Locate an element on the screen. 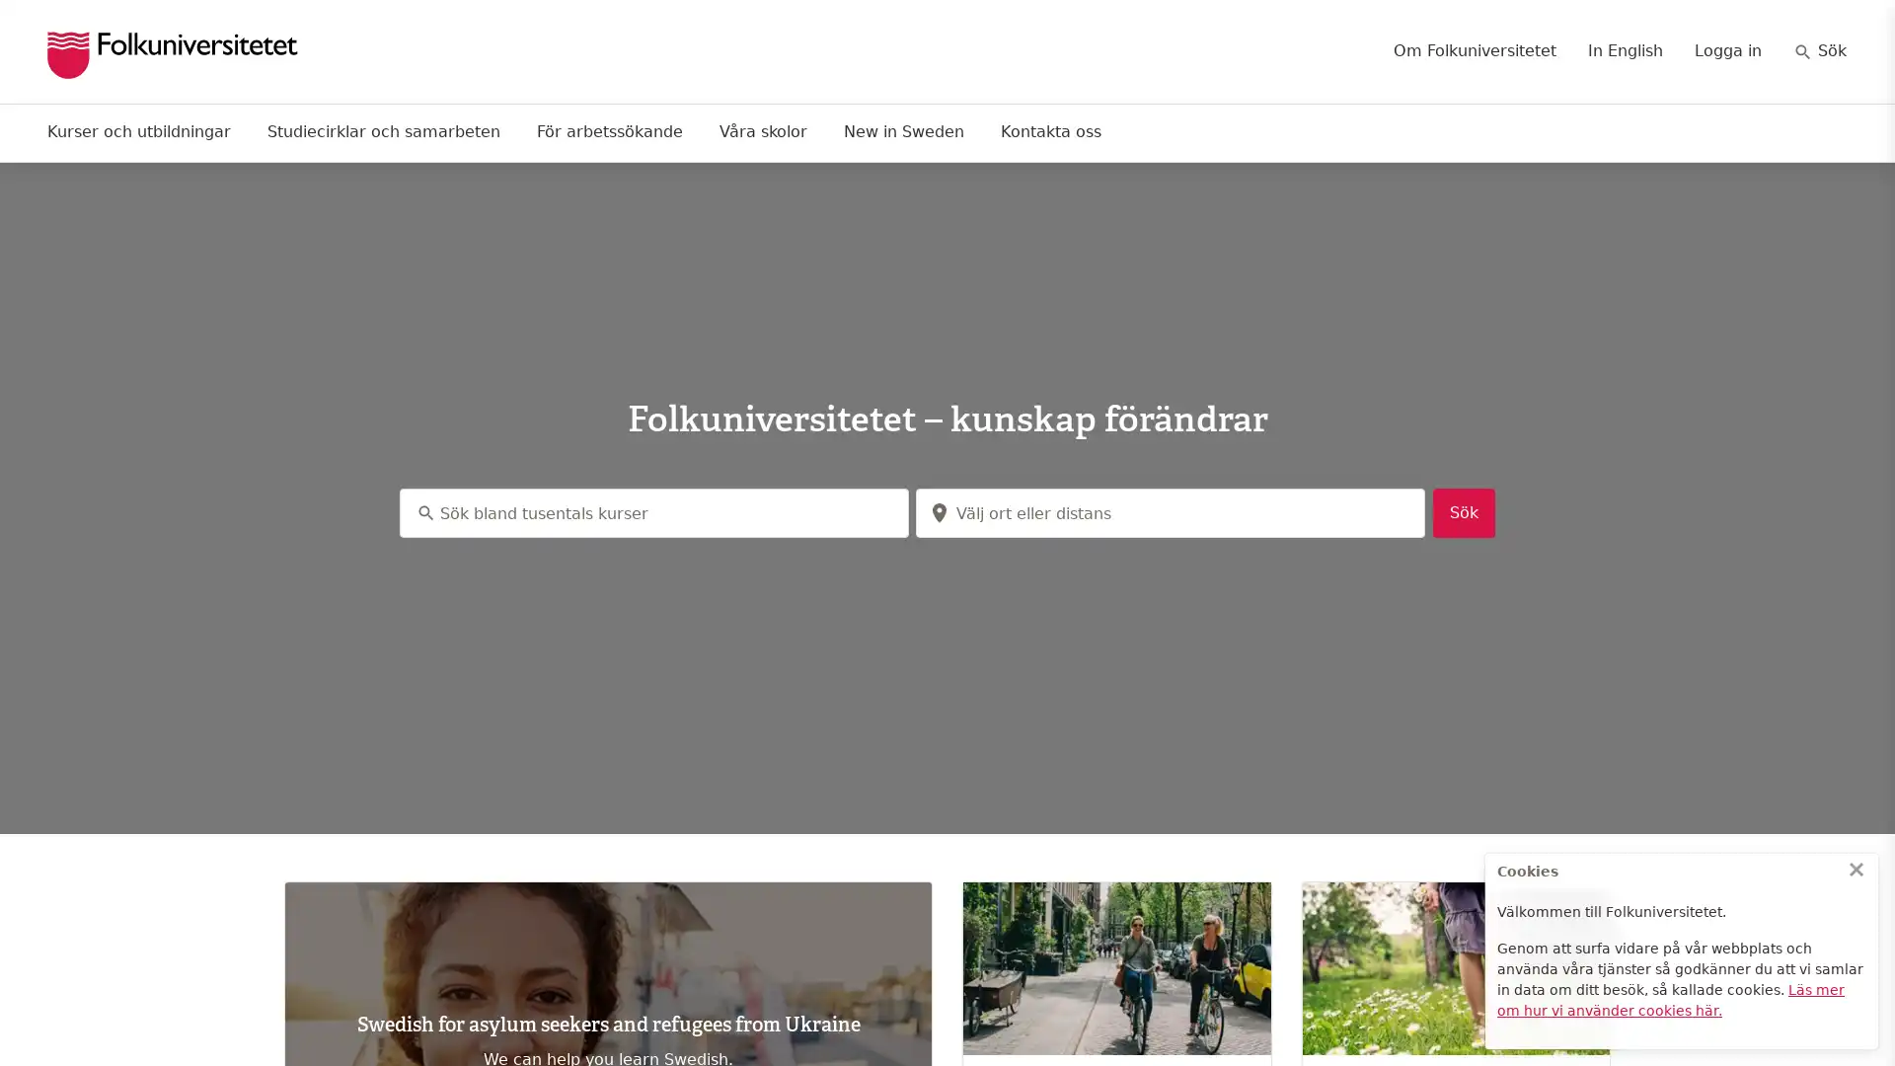  Sok is located at coordinates (1464, 512).